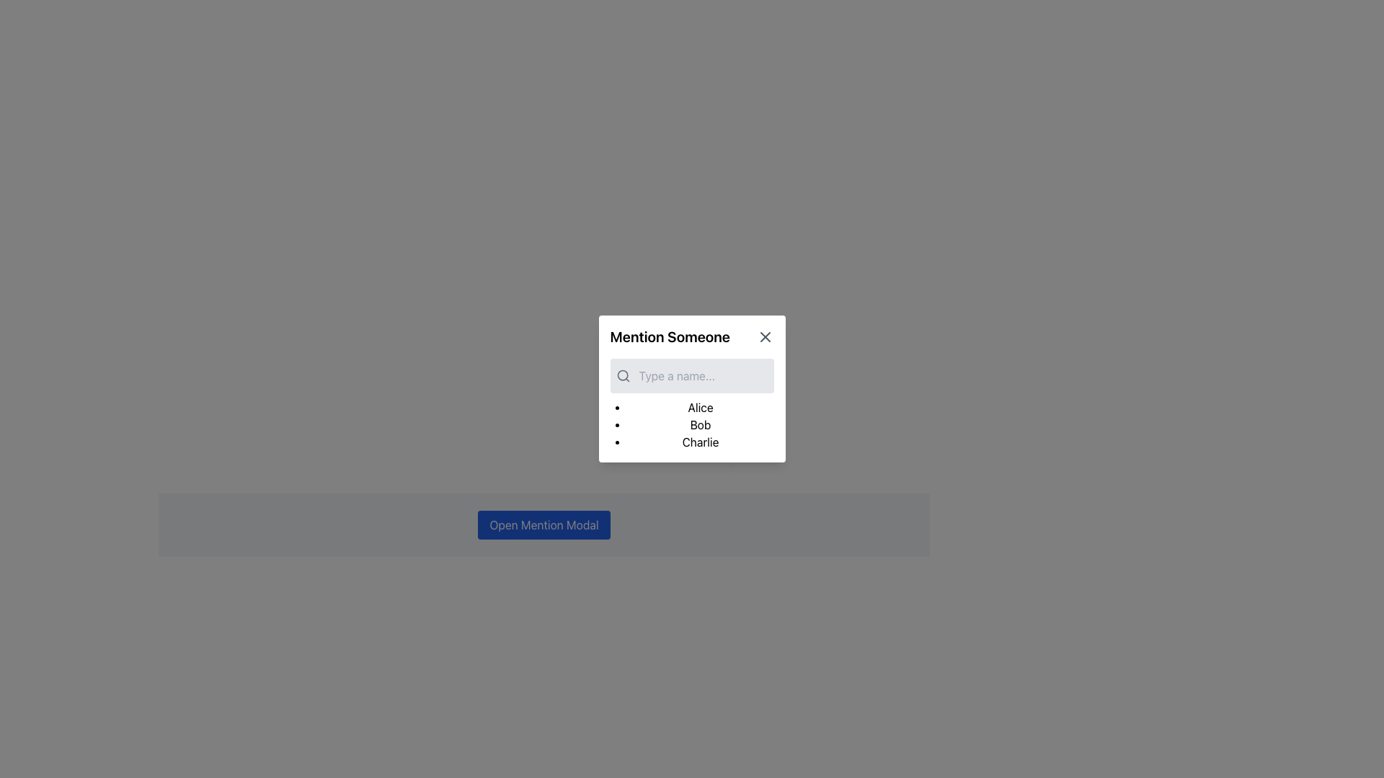 This screenshot has width=1384, height=778. Describe the element at coordinates (764, 336) in the screenshot. I see `the dismiss button located at the top-right corner of the modal containing the text 'Mention Someone'` at that location.